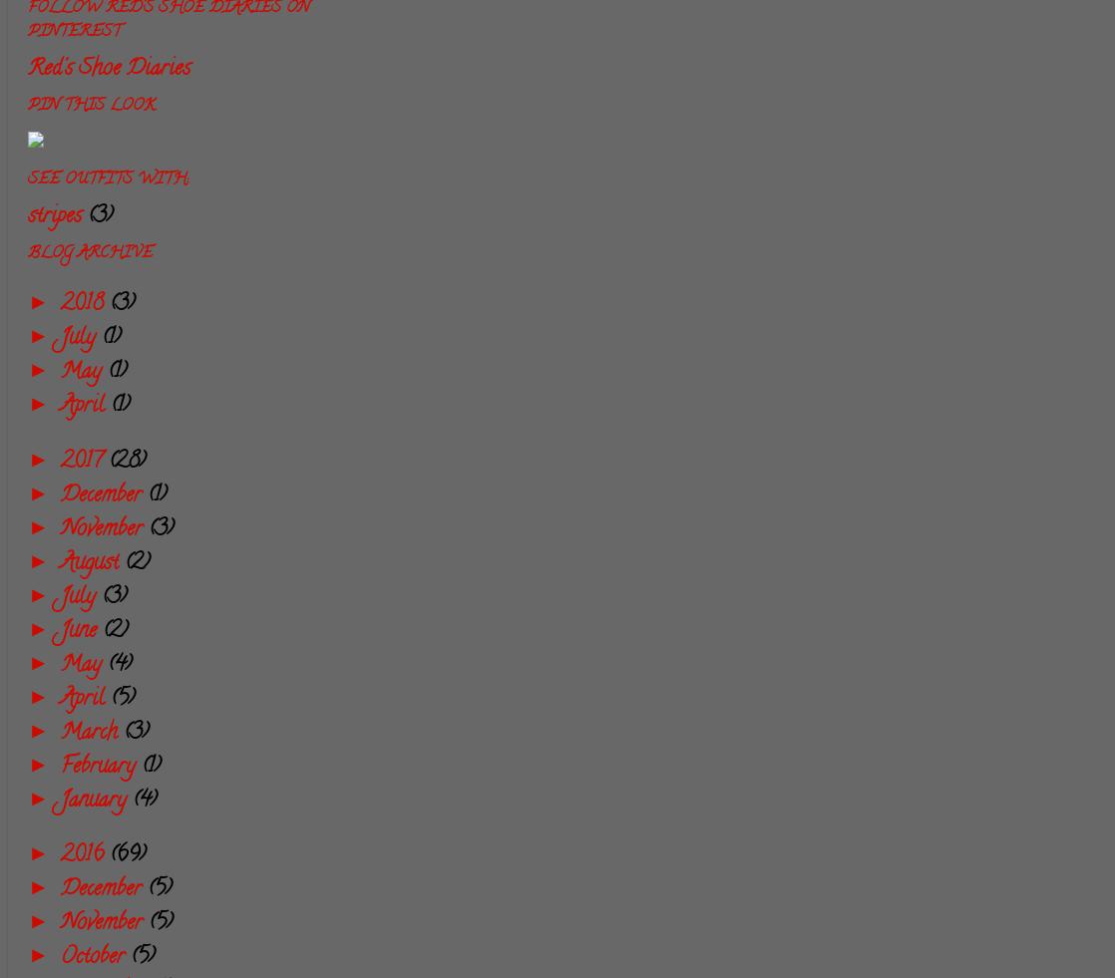 The width and height of the screenshot is (1115, 978). I want to click on 'January', so click(97, 801).